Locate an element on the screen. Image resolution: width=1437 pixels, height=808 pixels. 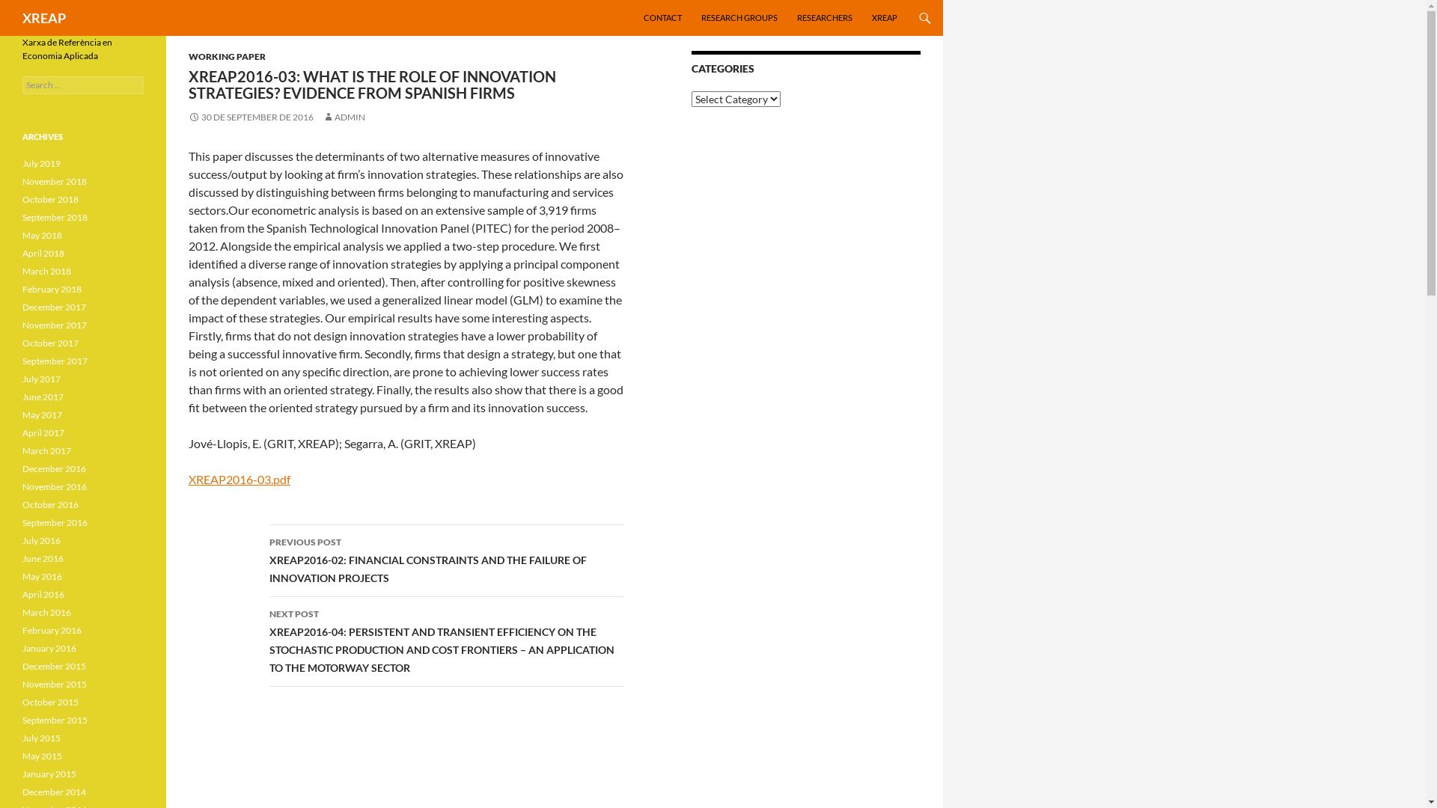
'December 2014' is located at coordinates (54, 791).